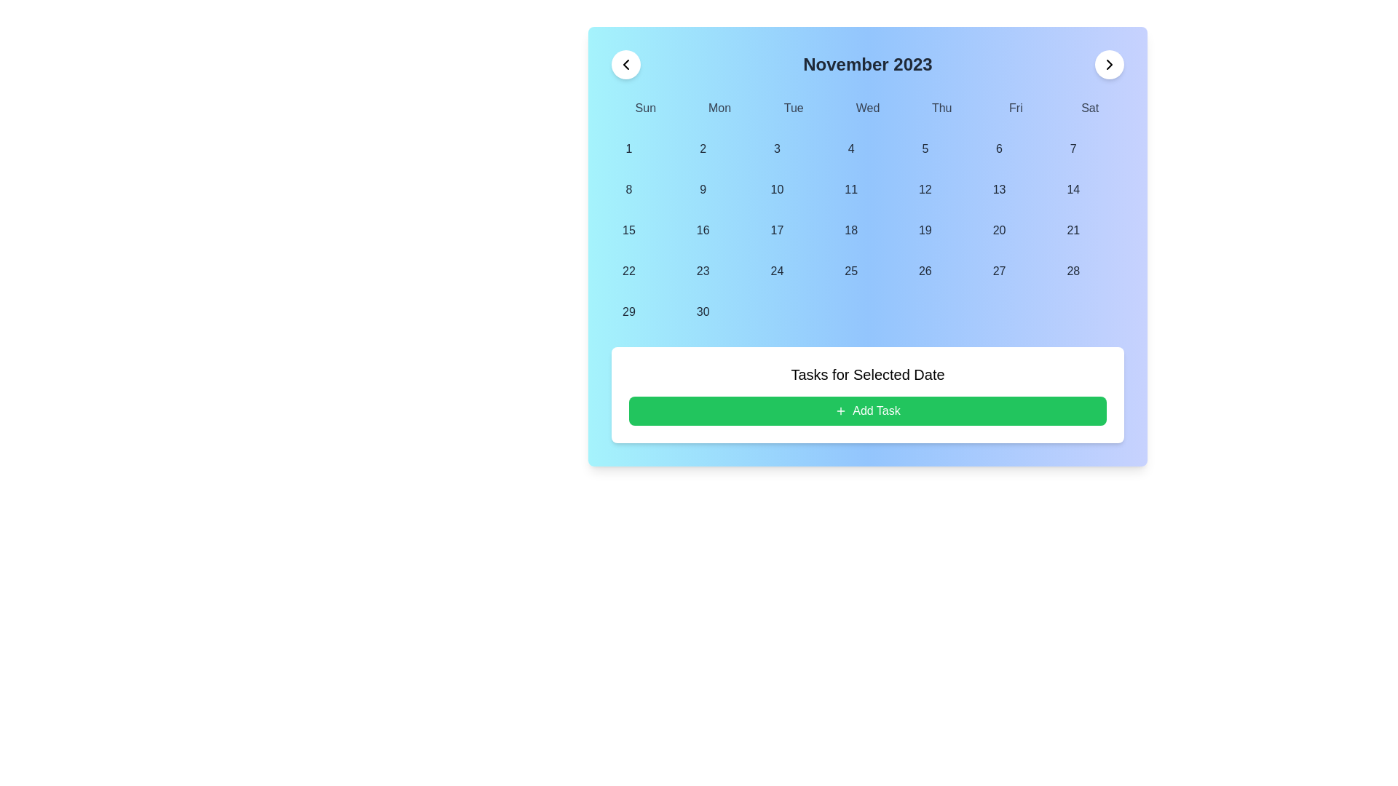 Image resolution: width=1398 pixels, height=786 pixels. Describe the element at coordinates (998, 229) in the screenshot. I see `the square-shaped button with rounded corners that displays the number '20' in bold, dark font` at that location.